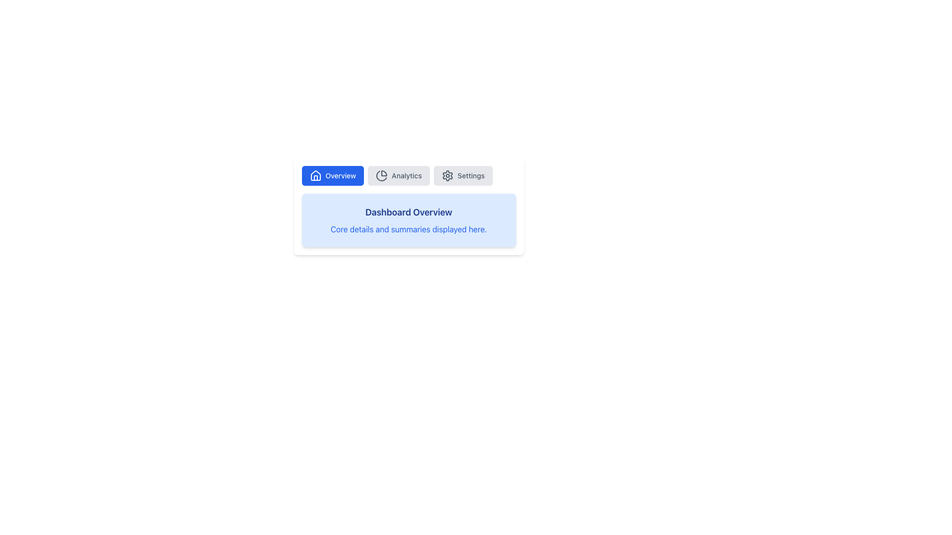 This screenshot has height=535, width=952. Describe the element at coordinates (384, 173) in the screenshot. I see `the upper-right segment of the pie chart icon, which is part of the navigation icons adjacent to the 'Analytics' button` at that location.